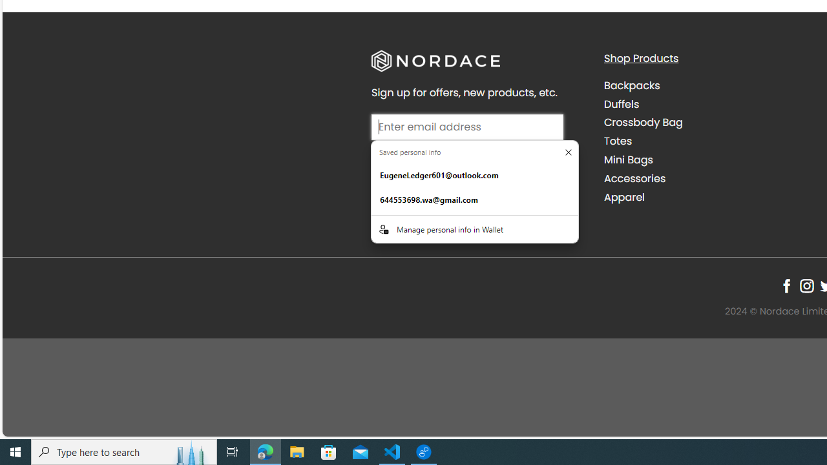 The height and width of the screenshot is (465, 827). Describe the element at coordinates (474, 228) in the screenshot. I see `'Manage personal info in Wallet'` at that location.